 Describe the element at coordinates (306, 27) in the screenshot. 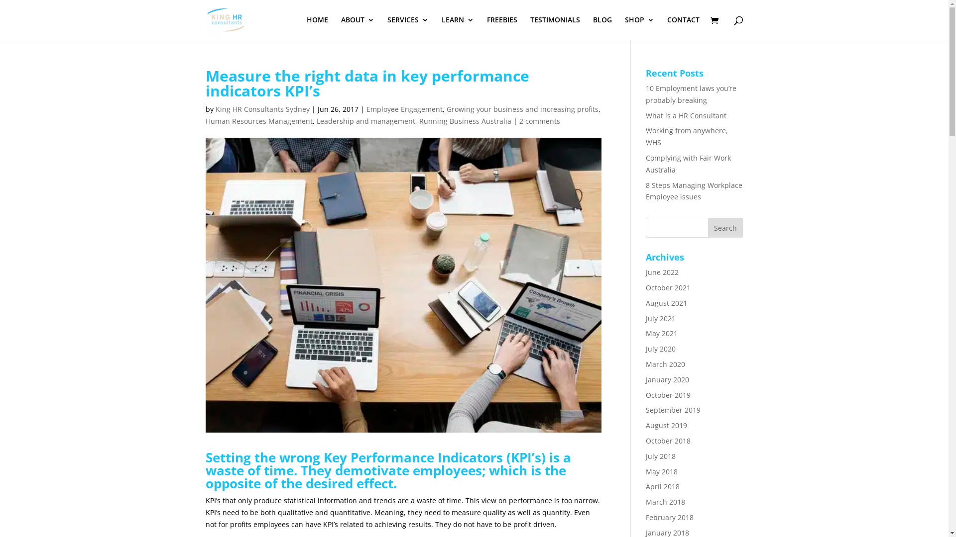

I see `'HOME'` at that location.